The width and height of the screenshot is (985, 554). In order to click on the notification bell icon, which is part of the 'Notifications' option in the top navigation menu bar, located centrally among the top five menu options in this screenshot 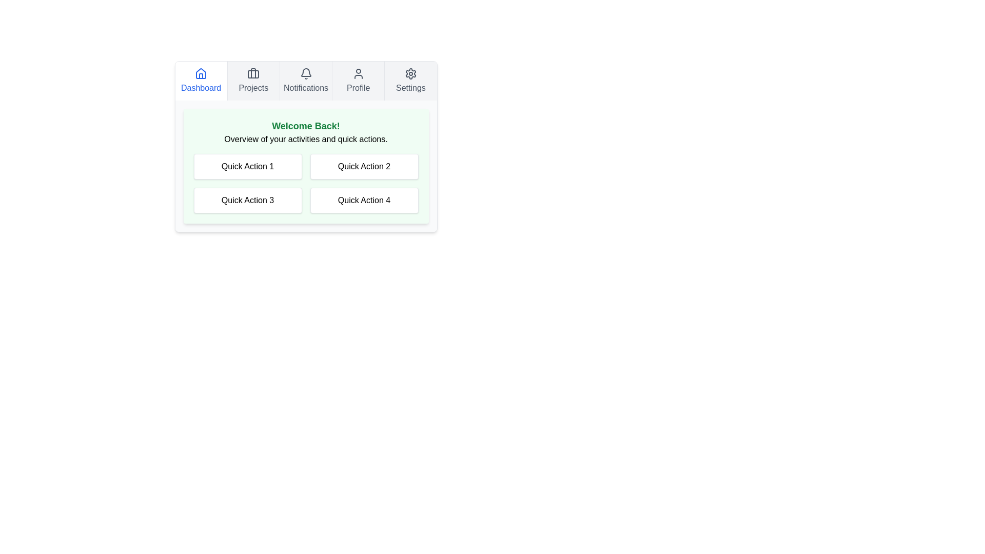, I will do `click(305, 72)`.